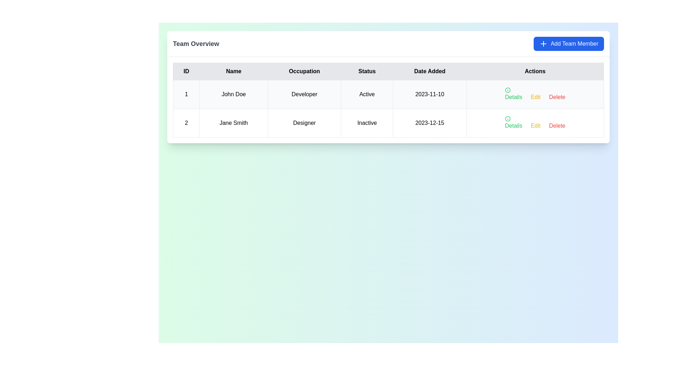 This screenshot has width=679, height=382. Describe the element at coordinates (535, 122) in the screenshot. I see `the group of buttons in the 'Actions' column of the second row of the table, which includes 'Details', 'Edit', and 'Delete' for the record of 'Jane Smith'` at that location.